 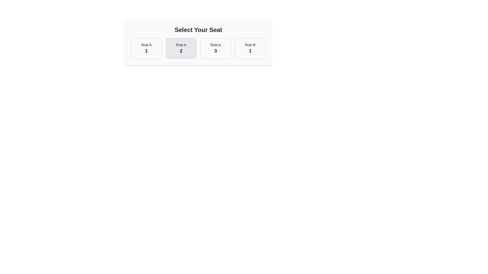 I want to click on text of the Text label that identifies a seat or position in Row B, located below the 'Row B' label, so click(x=250, y=51).